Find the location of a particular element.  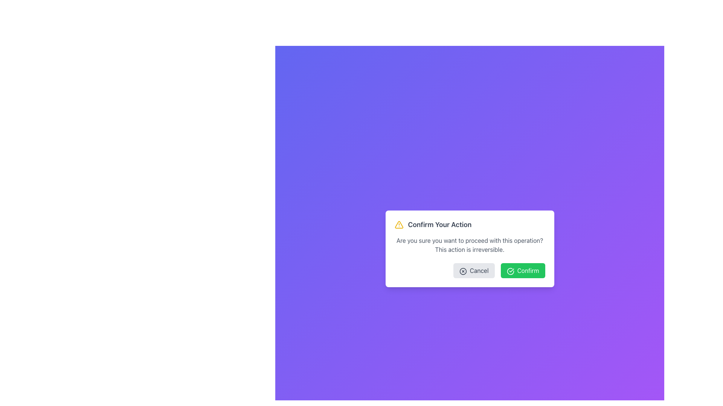

the triangular icon with a yellow border and an exclamation point, located to the left of the bold text 'Confirm Your Action' is located at coordinates (398, 224).